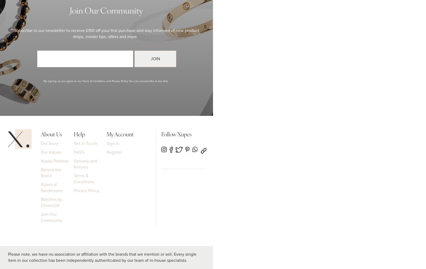 The height and width of the screenshot is (269, 426). Describe the element at coordinates (85, 163) in the screenshot. I see `'Delivery and Returns'` at that location.